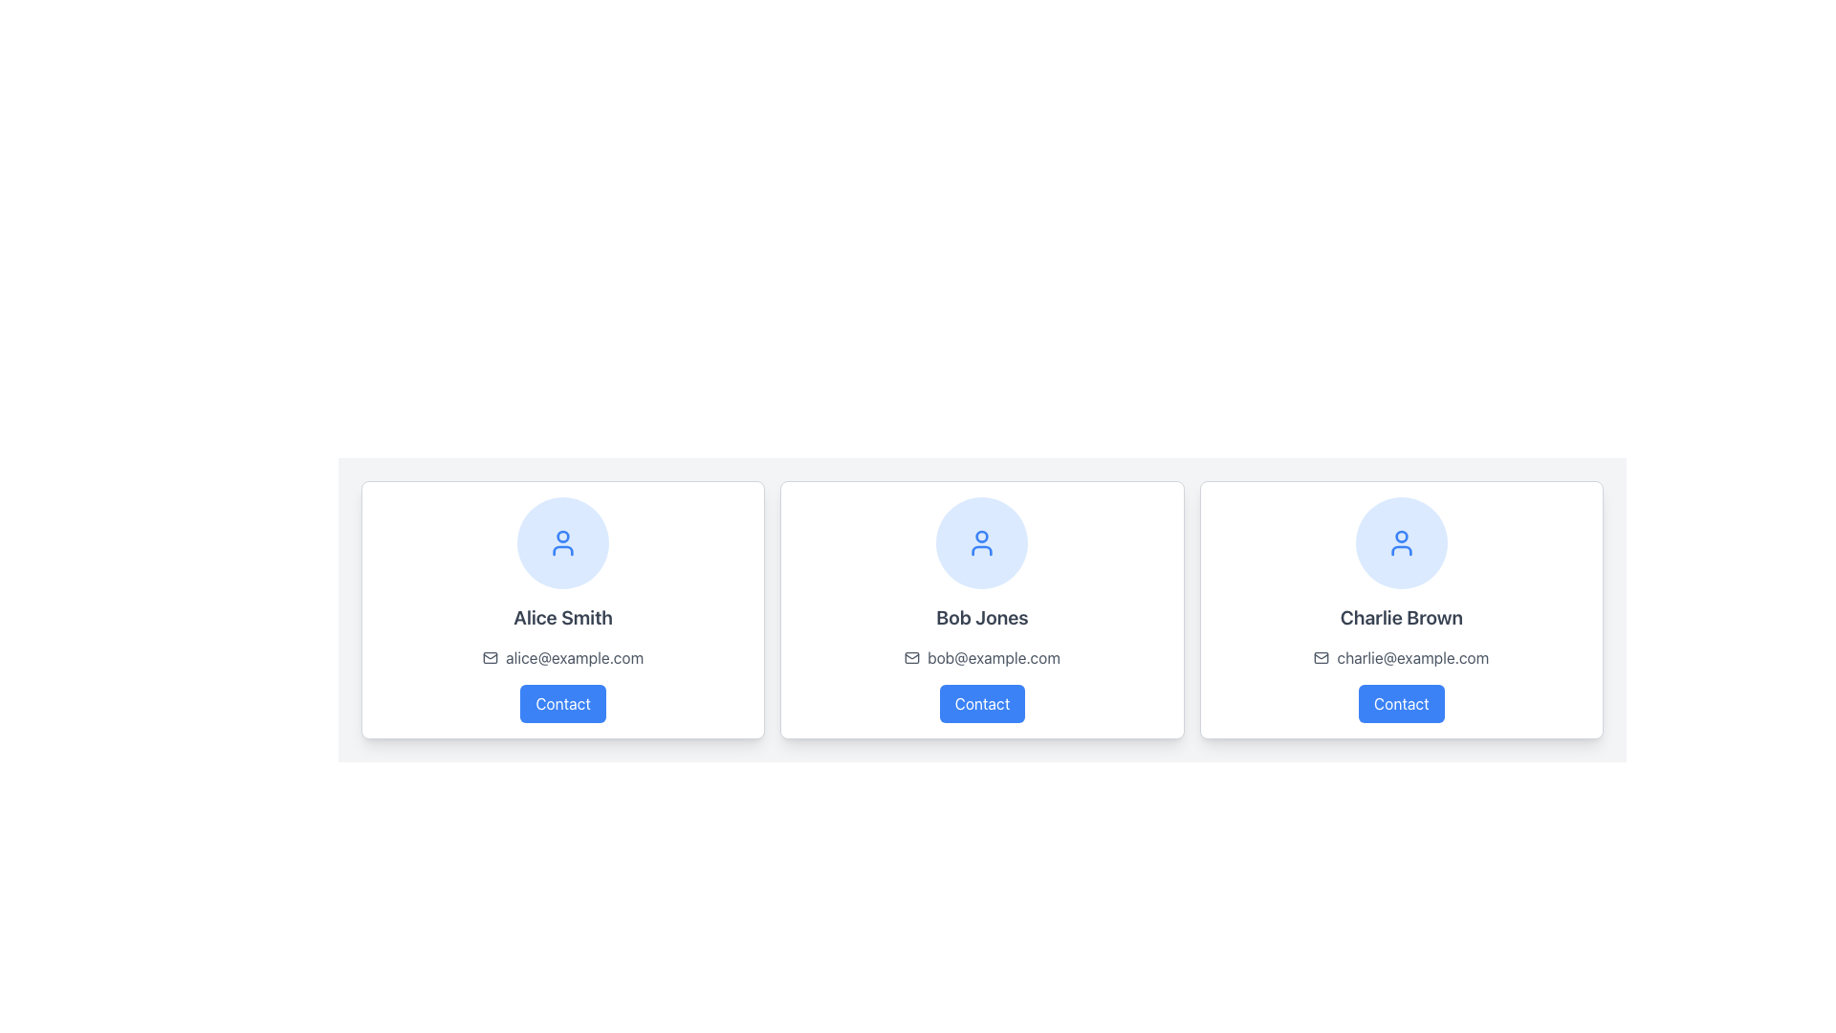 Image resolution: width=1836 pixels, height=1033 pixels. I want to click on the small rectangular Graphical Icon Component representing an email envelope icon located within the card layout under the name 'Charlie Brown', positioned directly above the 'Contact' button, so click(1321, 656).